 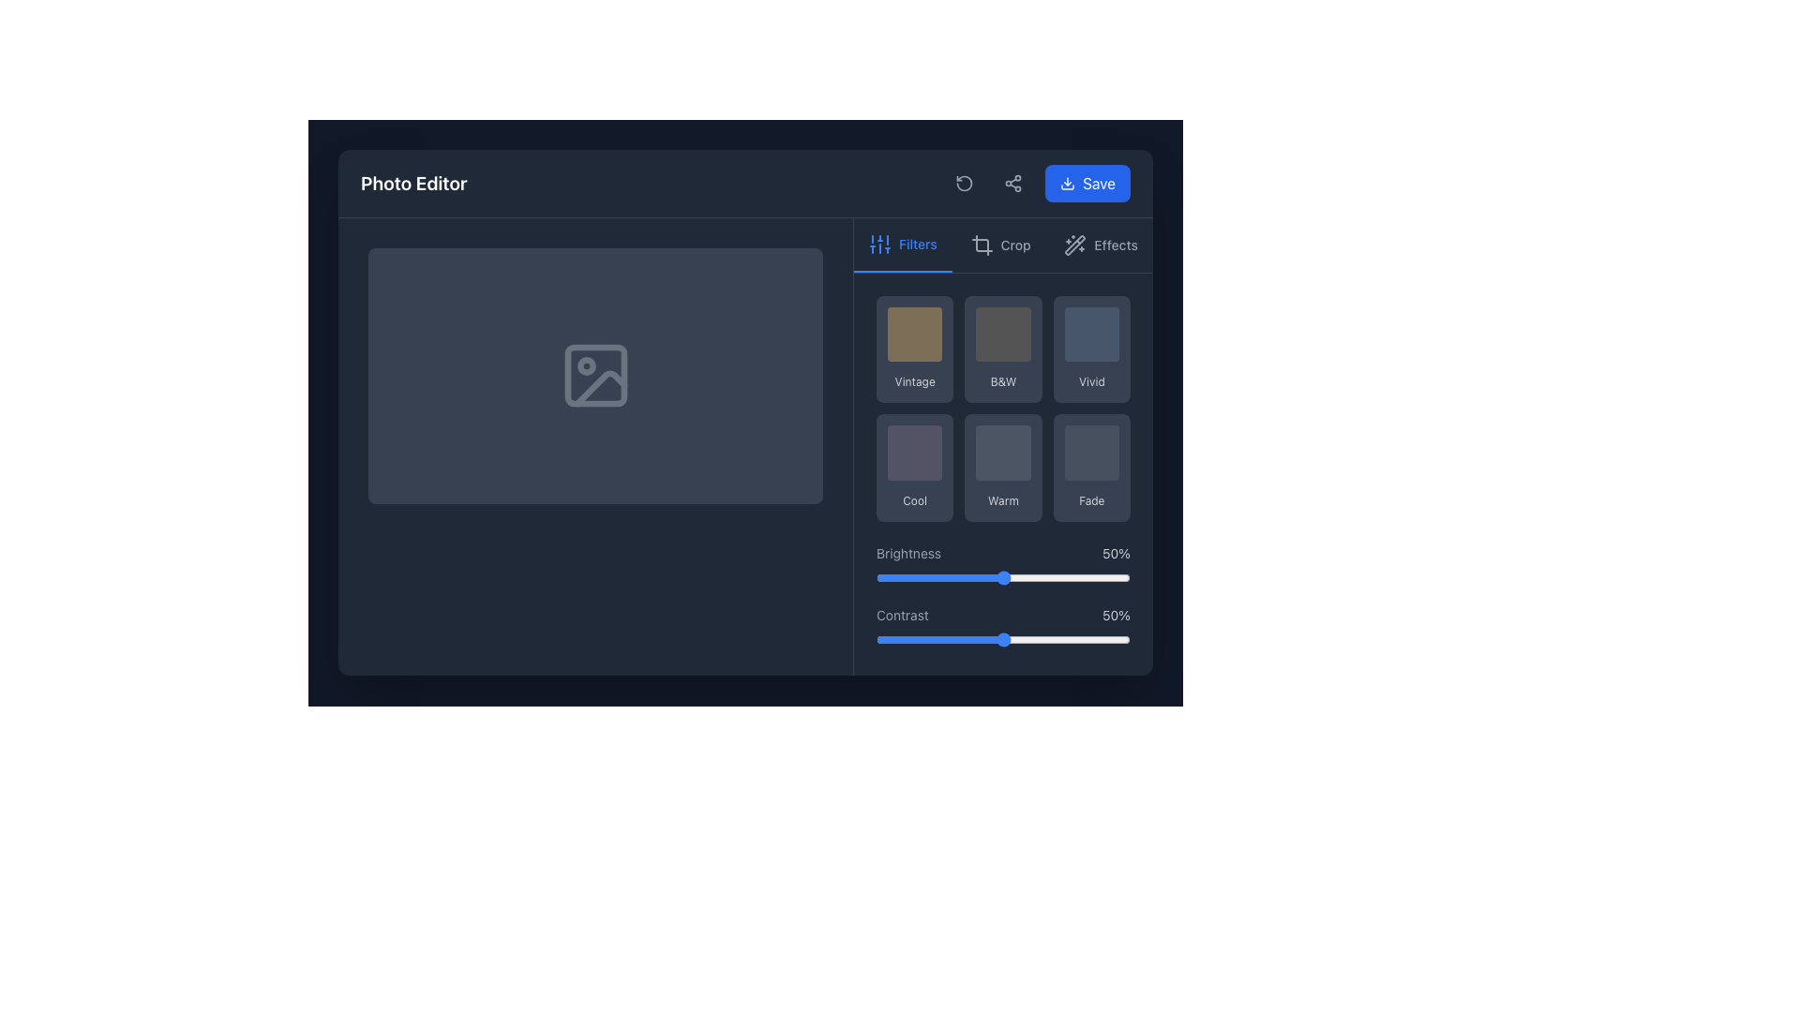 What do you see at coordinates (1091, 467) in the screenshot?
I see `the 'Fade' button located in the 'Filters' section of the interface to apply the 'Fade' filter` at bounding box center [1091, 467].